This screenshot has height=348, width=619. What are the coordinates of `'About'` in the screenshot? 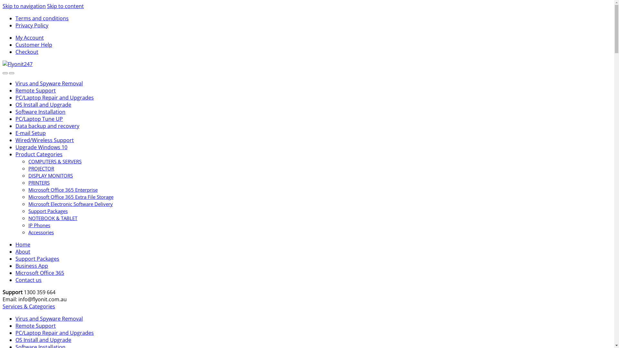 It's located at (23, 251).